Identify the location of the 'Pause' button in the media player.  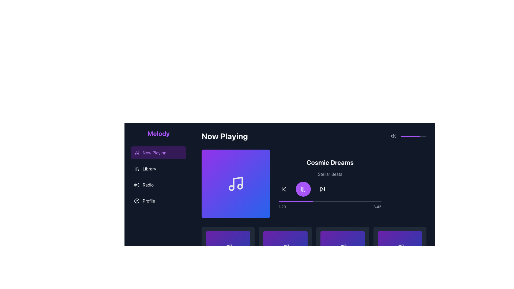
(303, 189).